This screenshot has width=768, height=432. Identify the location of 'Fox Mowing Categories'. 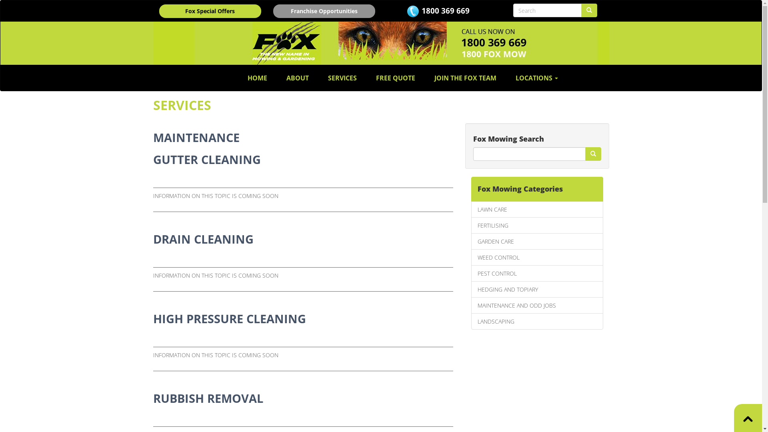
(537, 189).